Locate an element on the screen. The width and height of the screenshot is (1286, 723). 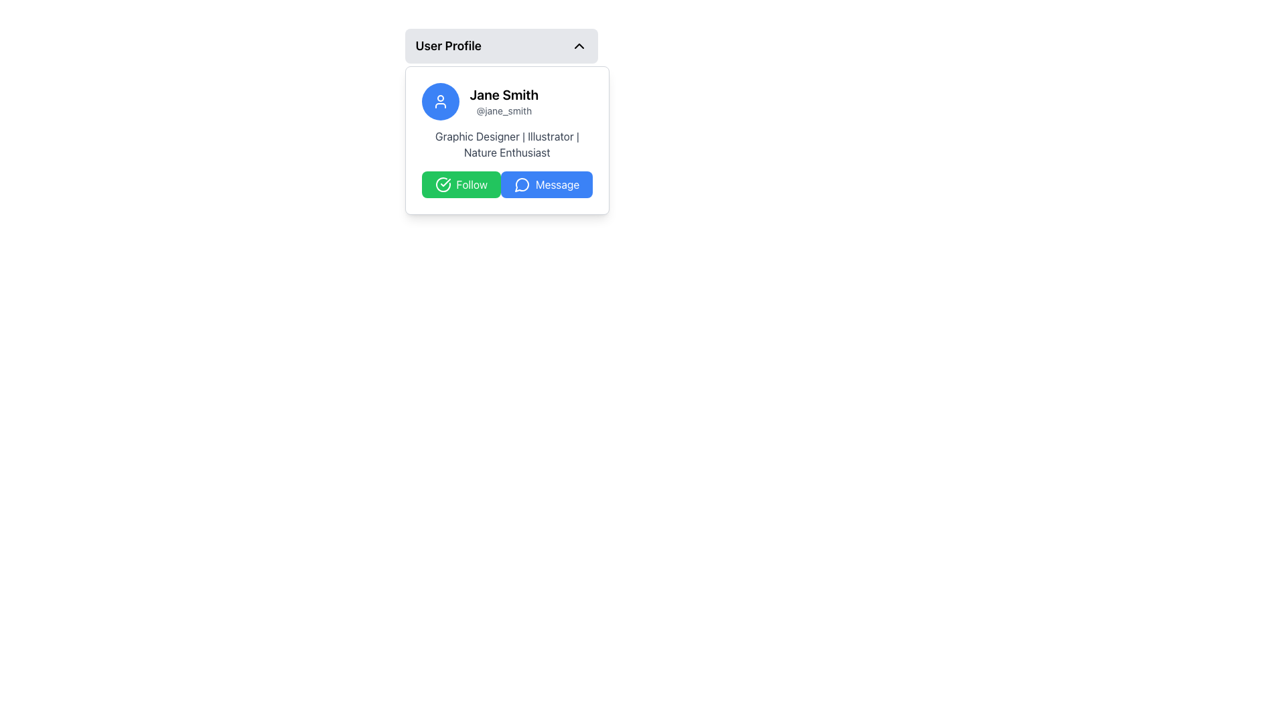
the content associated with the 'User Profile' text label located in the header of the dropdown component is located at coordinates (448, 46).